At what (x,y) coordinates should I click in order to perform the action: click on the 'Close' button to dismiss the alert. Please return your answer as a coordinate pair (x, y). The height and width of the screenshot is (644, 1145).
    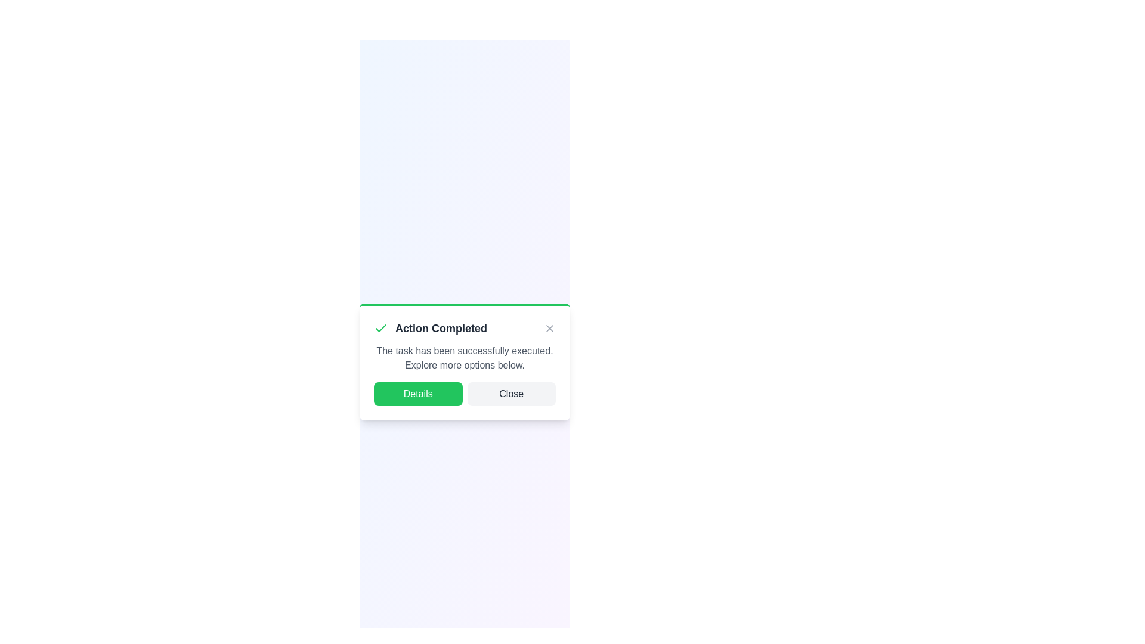
    Looking at the image, I should click on (511, 394).